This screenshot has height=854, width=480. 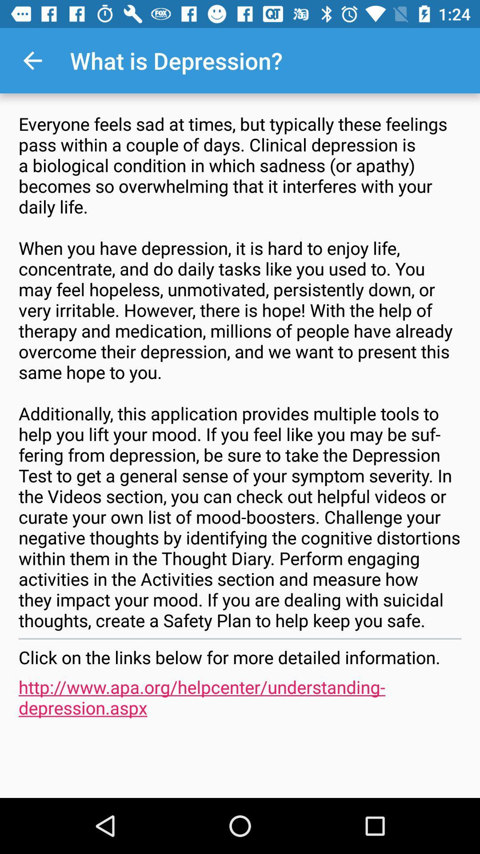 I want to click on the item next to the what is depression?  item, so click(x=32, y=60).